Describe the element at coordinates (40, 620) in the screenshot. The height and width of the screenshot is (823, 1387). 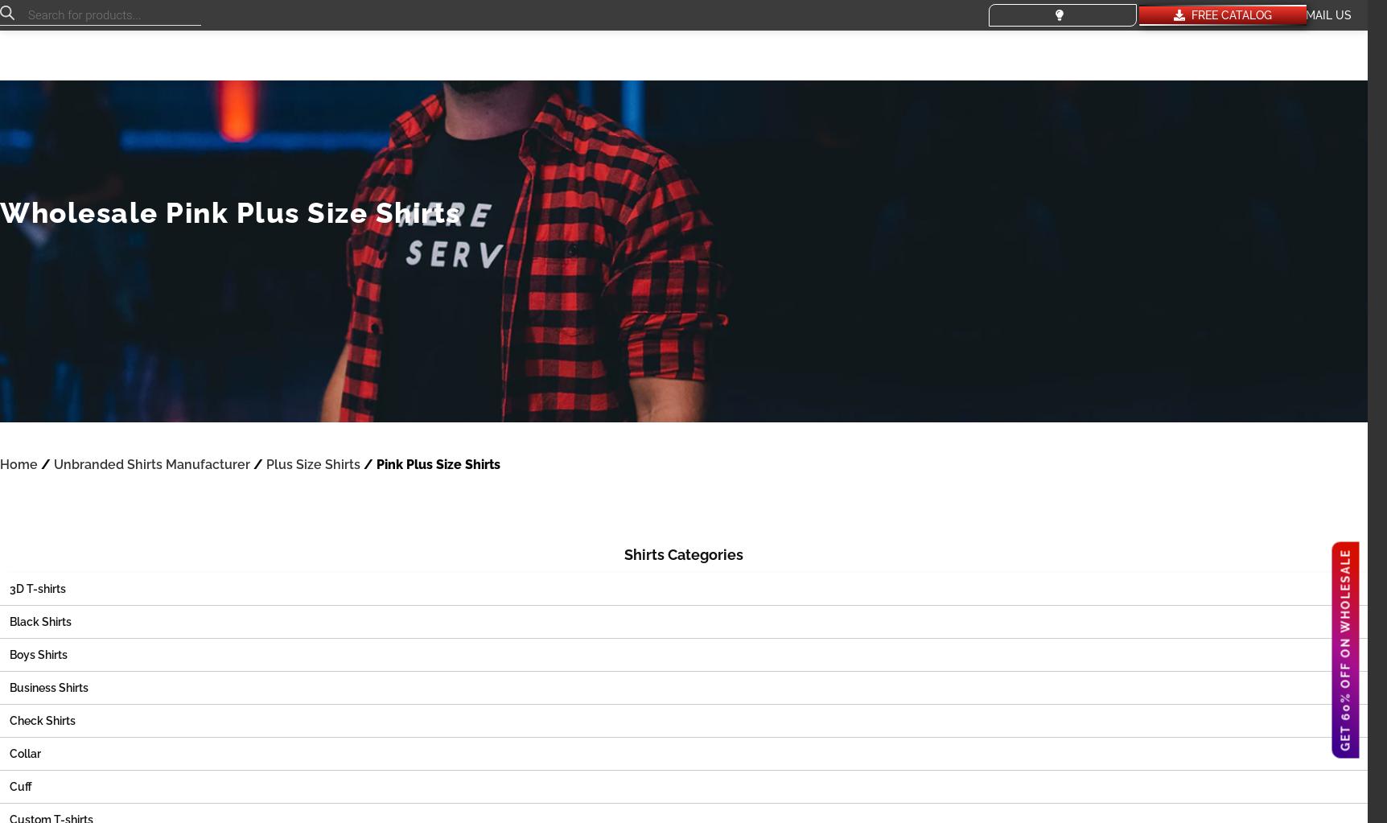
I see `'Black Shirts'` at that location.